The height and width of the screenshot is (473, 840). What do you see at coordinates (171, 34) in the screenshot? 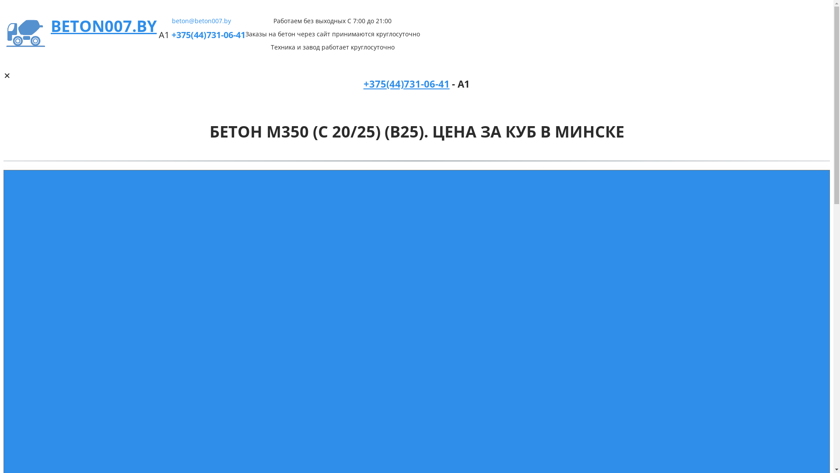
I see `'+375(44)731-06-41'` at bounding box center [171, 34].